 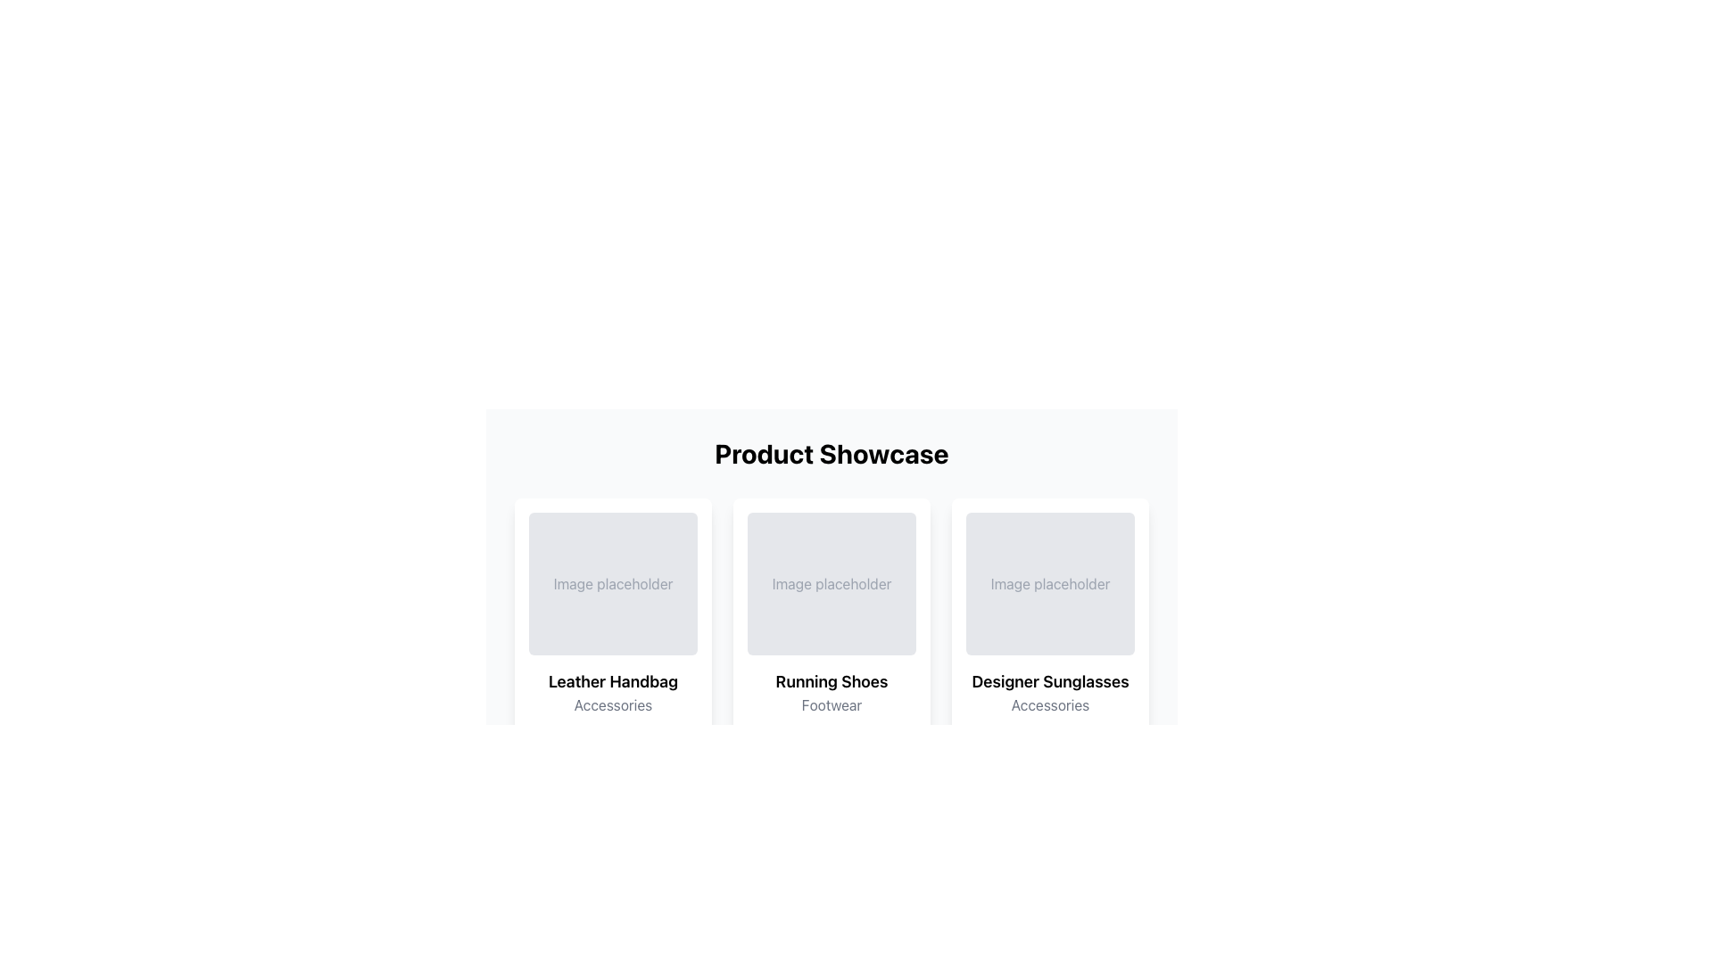 I want to click on the image placeholder located at the top section of the card component above the title 'Leather Handbag' and category 'Accessories', so click(x=613, y=584).